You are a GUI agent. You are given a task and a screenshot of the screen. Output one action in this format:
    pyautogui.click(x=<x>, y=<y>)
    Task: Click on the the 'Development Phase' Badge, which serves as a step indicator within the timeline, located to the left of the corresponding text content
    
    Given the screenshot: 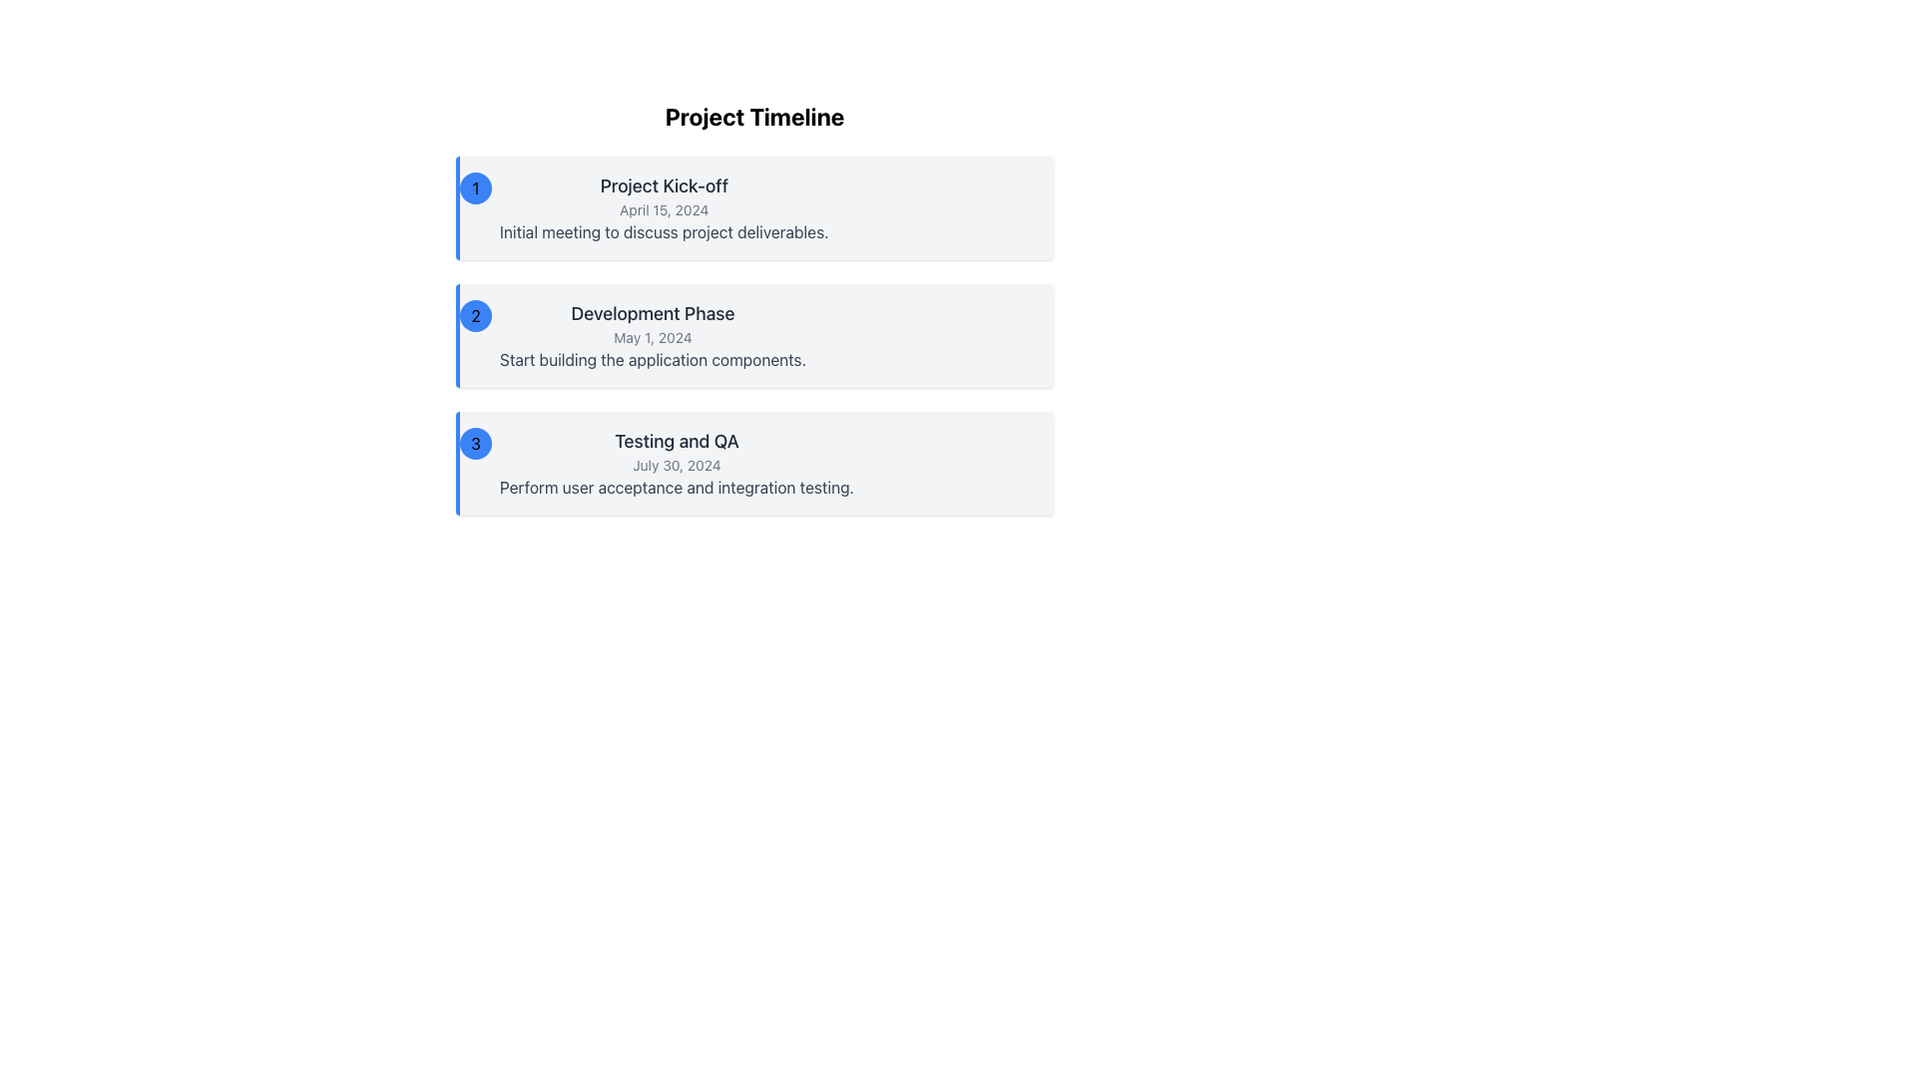 What is the action you would take?
    pyautogui.click(x=474, y=314)
    